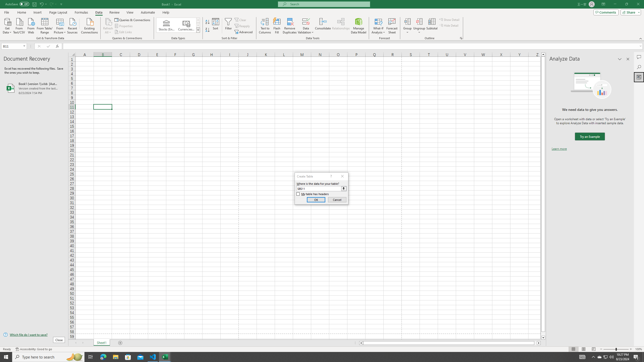 The width and height of the screenshot is (644, 362). I want to click on 'Text to Columns...', so click(265, 26).